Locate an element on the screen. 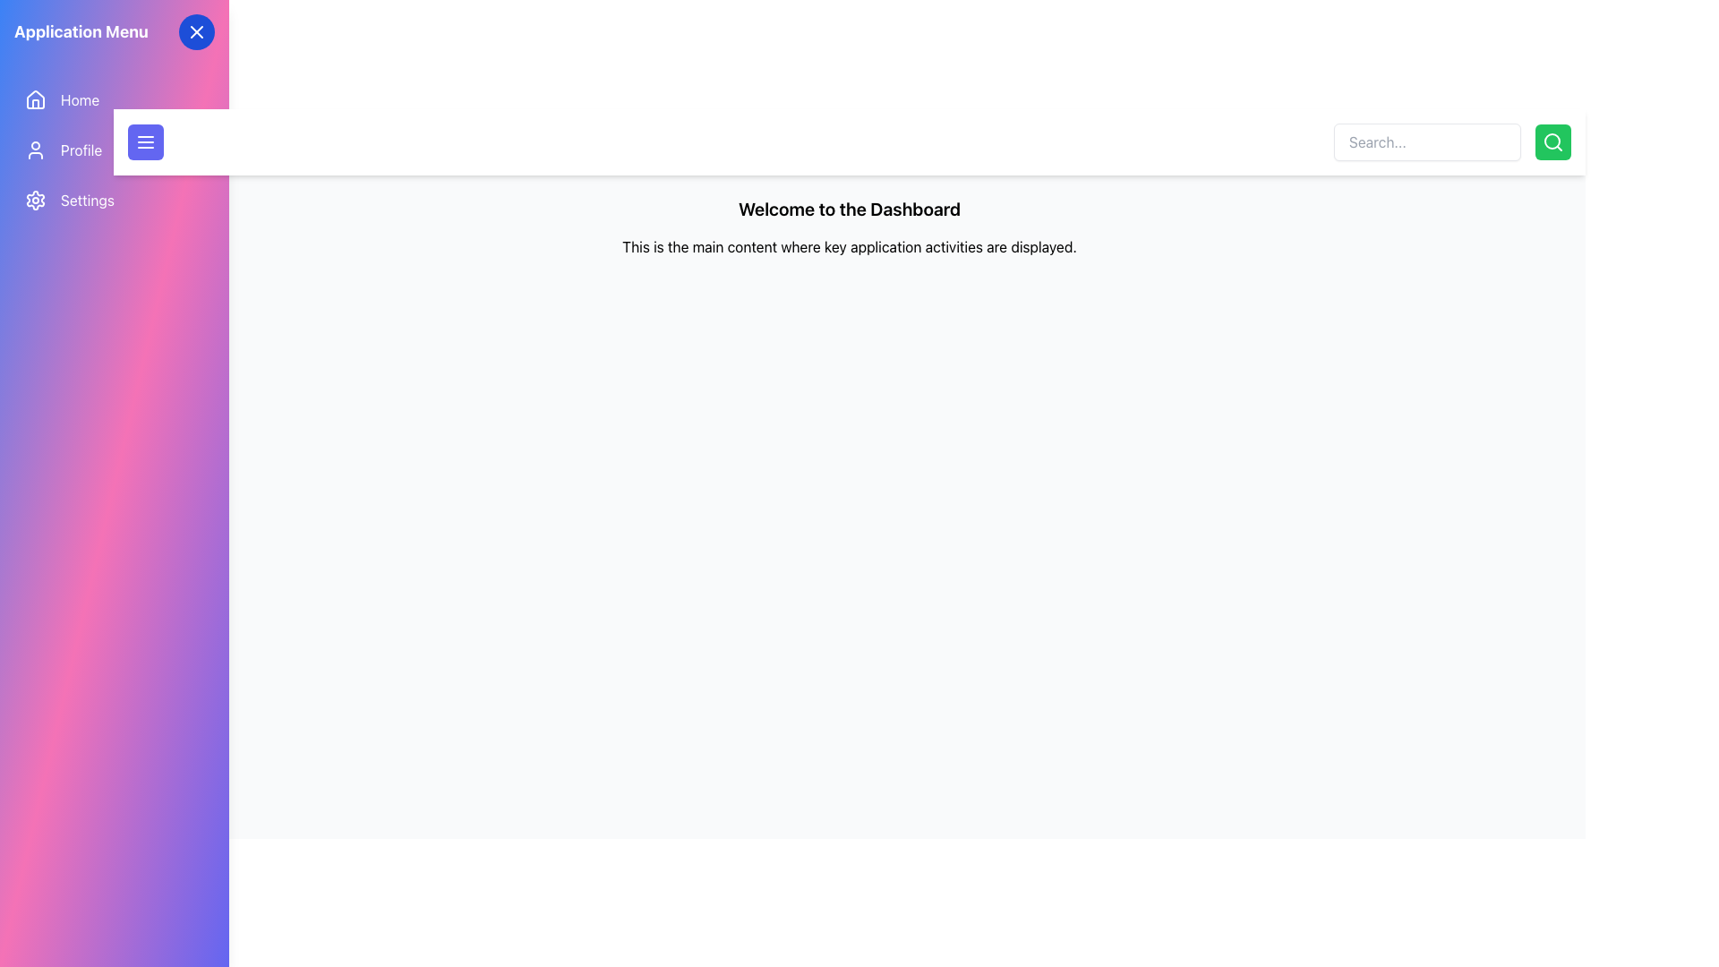  the navigation button at the top of the vertical menu on the left-hand side to trigger the hover effect is located at coordinates (114, 99).